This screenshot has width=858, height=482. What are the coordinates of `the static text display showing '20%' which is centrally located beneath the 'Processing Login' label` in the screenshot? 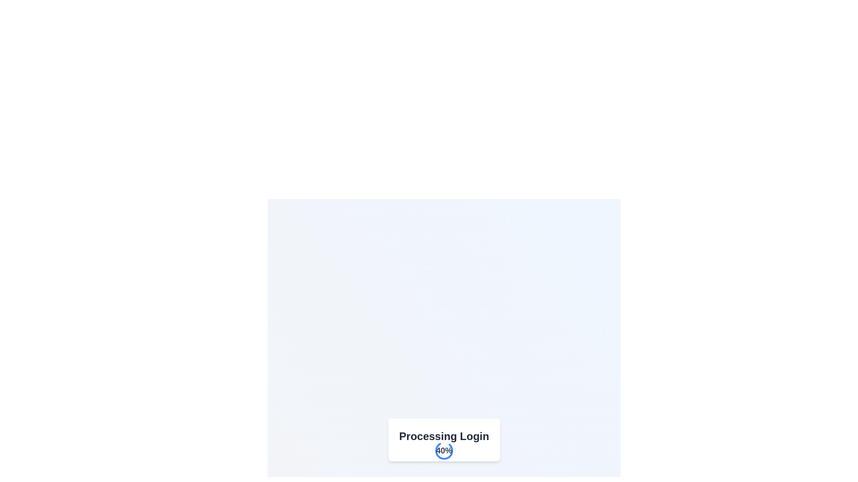 It's located at (444, 451).